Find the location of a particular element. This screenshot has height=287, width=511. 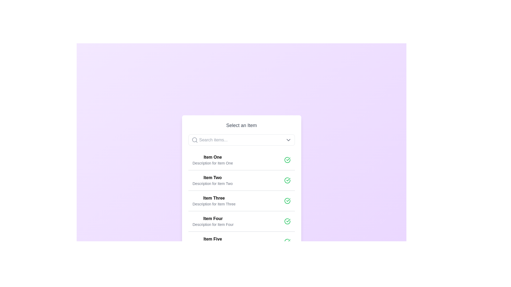

bold text label that reads 'Item One', which serves as the main title for the first item in a vertical list is located at coordinates (212, 157).